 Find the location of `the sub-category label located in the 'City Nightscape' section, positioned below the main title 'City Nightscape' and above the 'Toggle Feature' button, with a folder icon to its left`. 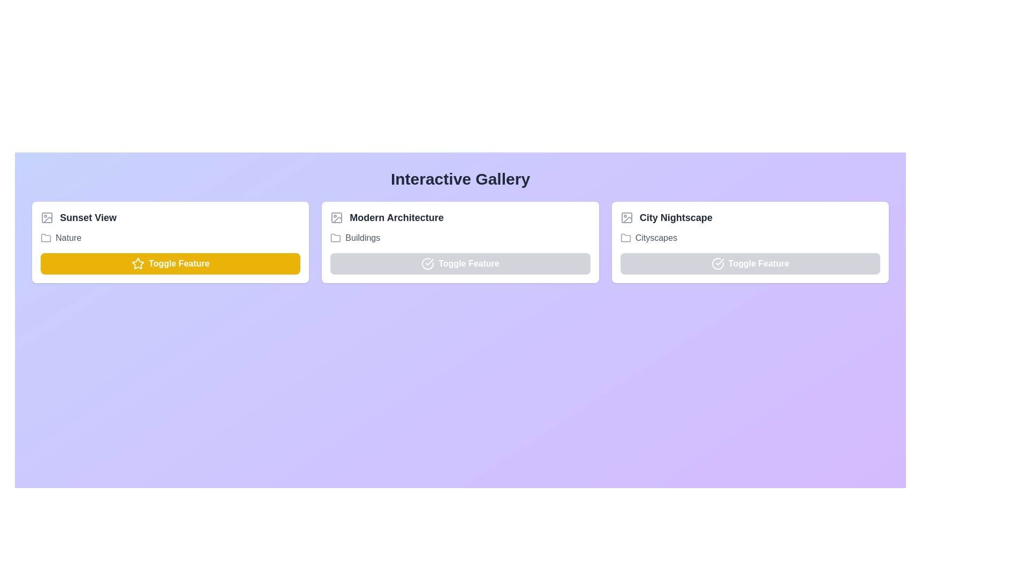

the sub-category label located in the 'City Nightscape' section, positioned below the main title 'City Nightscape' and above the 'Toggle Feature' button, with a folder icon to its left is located at coordinates (750, 237).